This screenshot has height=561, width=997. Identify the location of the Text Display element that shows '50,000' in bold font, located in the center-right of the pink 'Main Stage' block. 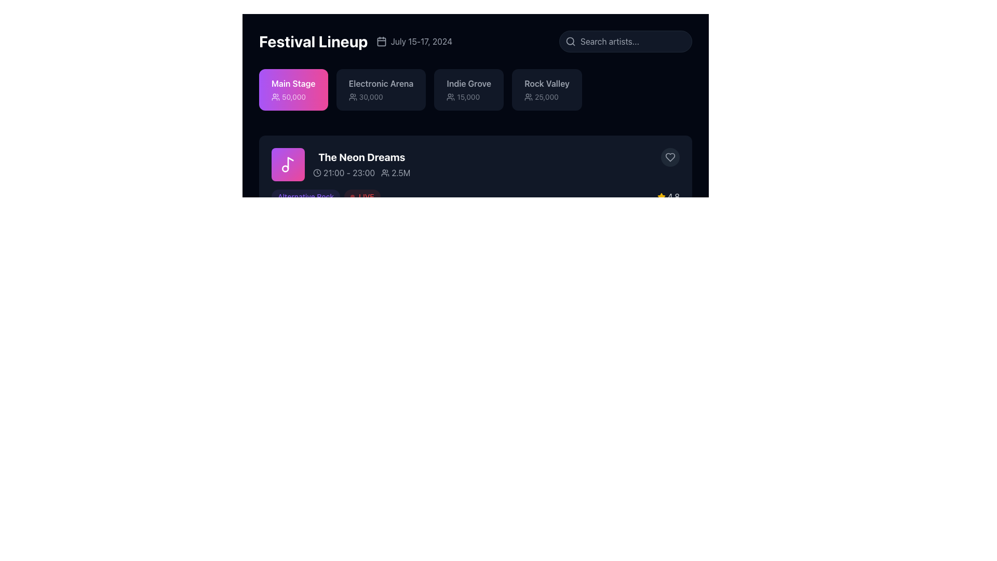
(293, 97).